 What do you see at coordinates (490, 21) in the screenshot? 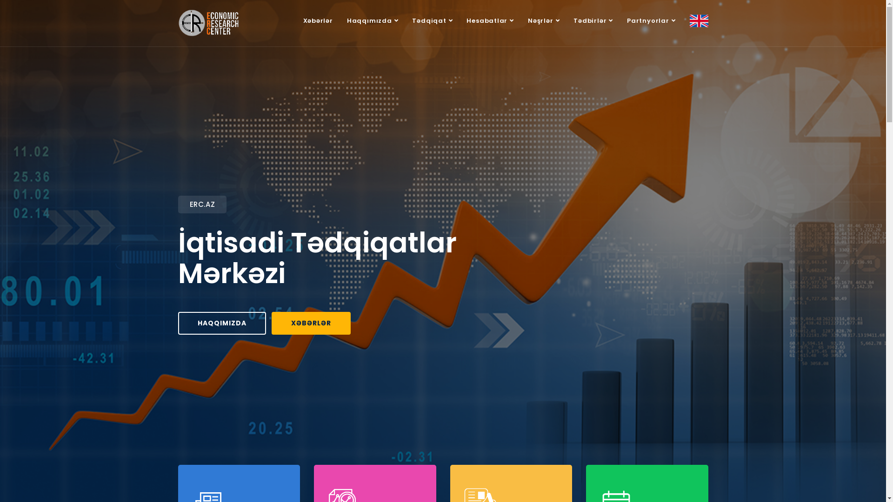
I see `'Hesabatlar'` at bounding box center [490, 21].